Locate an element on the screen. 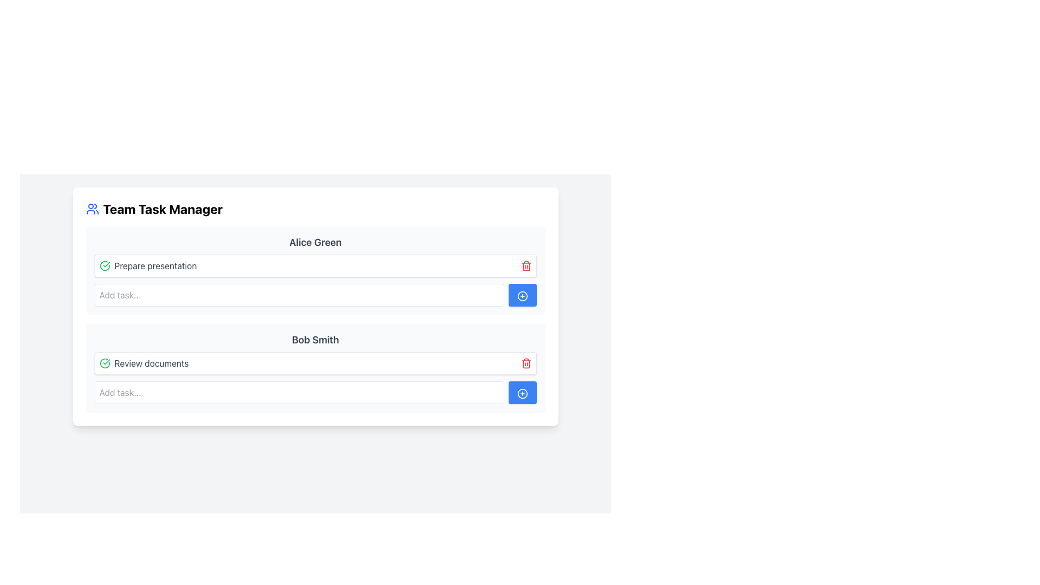 This screenshot has width=1040, height=585. the Icon button is located at coordinates (522, 296).